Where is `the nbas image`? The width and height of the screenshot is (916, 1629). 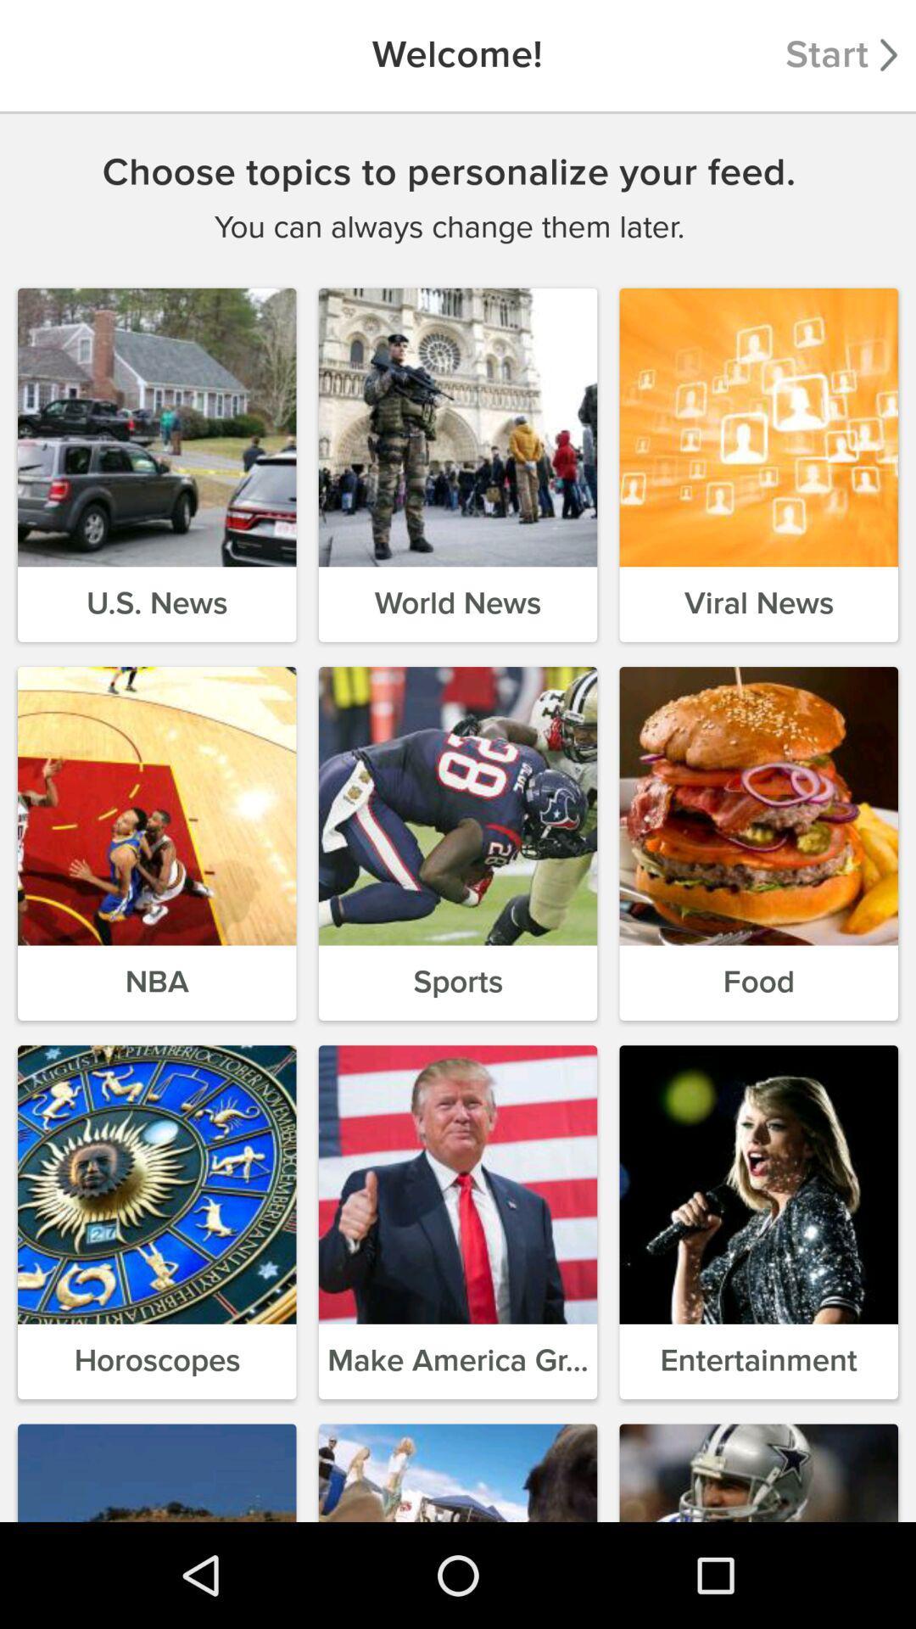
the nbas image is located at coordinates (157, 805).